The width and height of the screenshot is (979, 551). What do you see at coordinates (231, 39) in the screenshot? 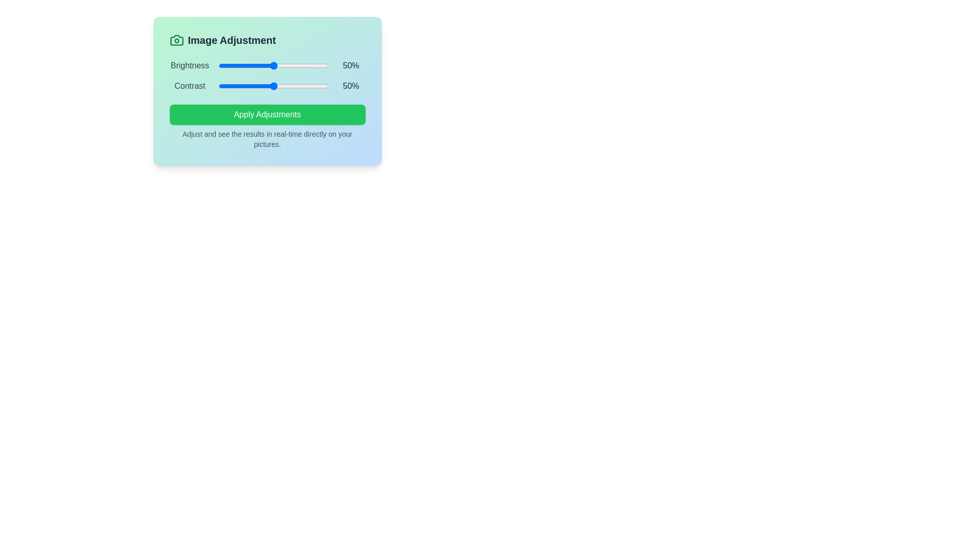
I see `the header text 'Image Adjustment' to inspect it` at bounding box center [231, 39].